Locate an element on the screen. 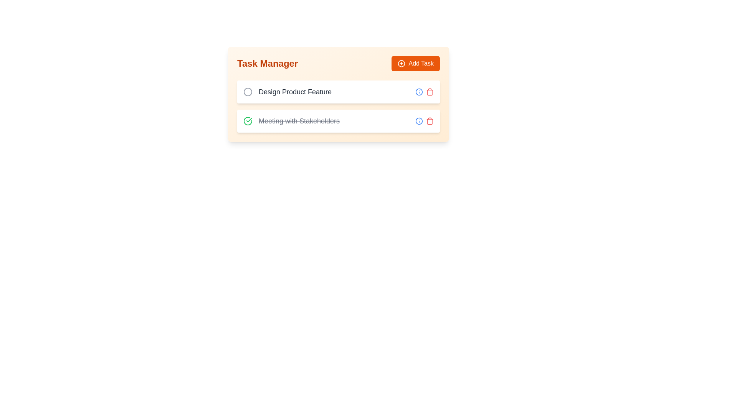 The width and height of the screenshot is (737, 414). the static text label reading 'Design Product Feature' styled in dark gray font on a light background, located in the first task item of the 'Task Manager' interface is located at coordinates (294, 91).